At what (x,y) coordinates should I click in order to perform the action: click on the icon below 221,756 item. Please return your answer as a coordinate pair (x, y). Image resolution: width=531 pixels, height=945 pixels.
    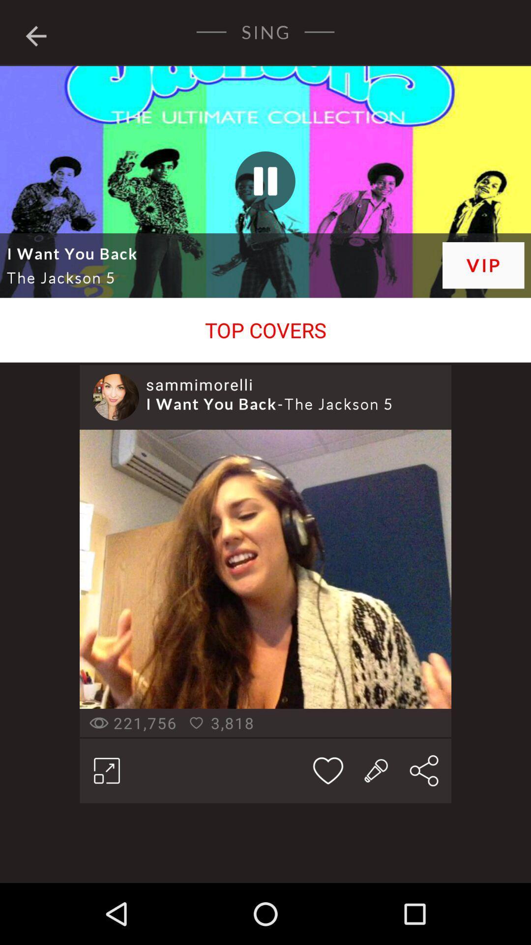
    Looking at the image, I should click on (107, 770).